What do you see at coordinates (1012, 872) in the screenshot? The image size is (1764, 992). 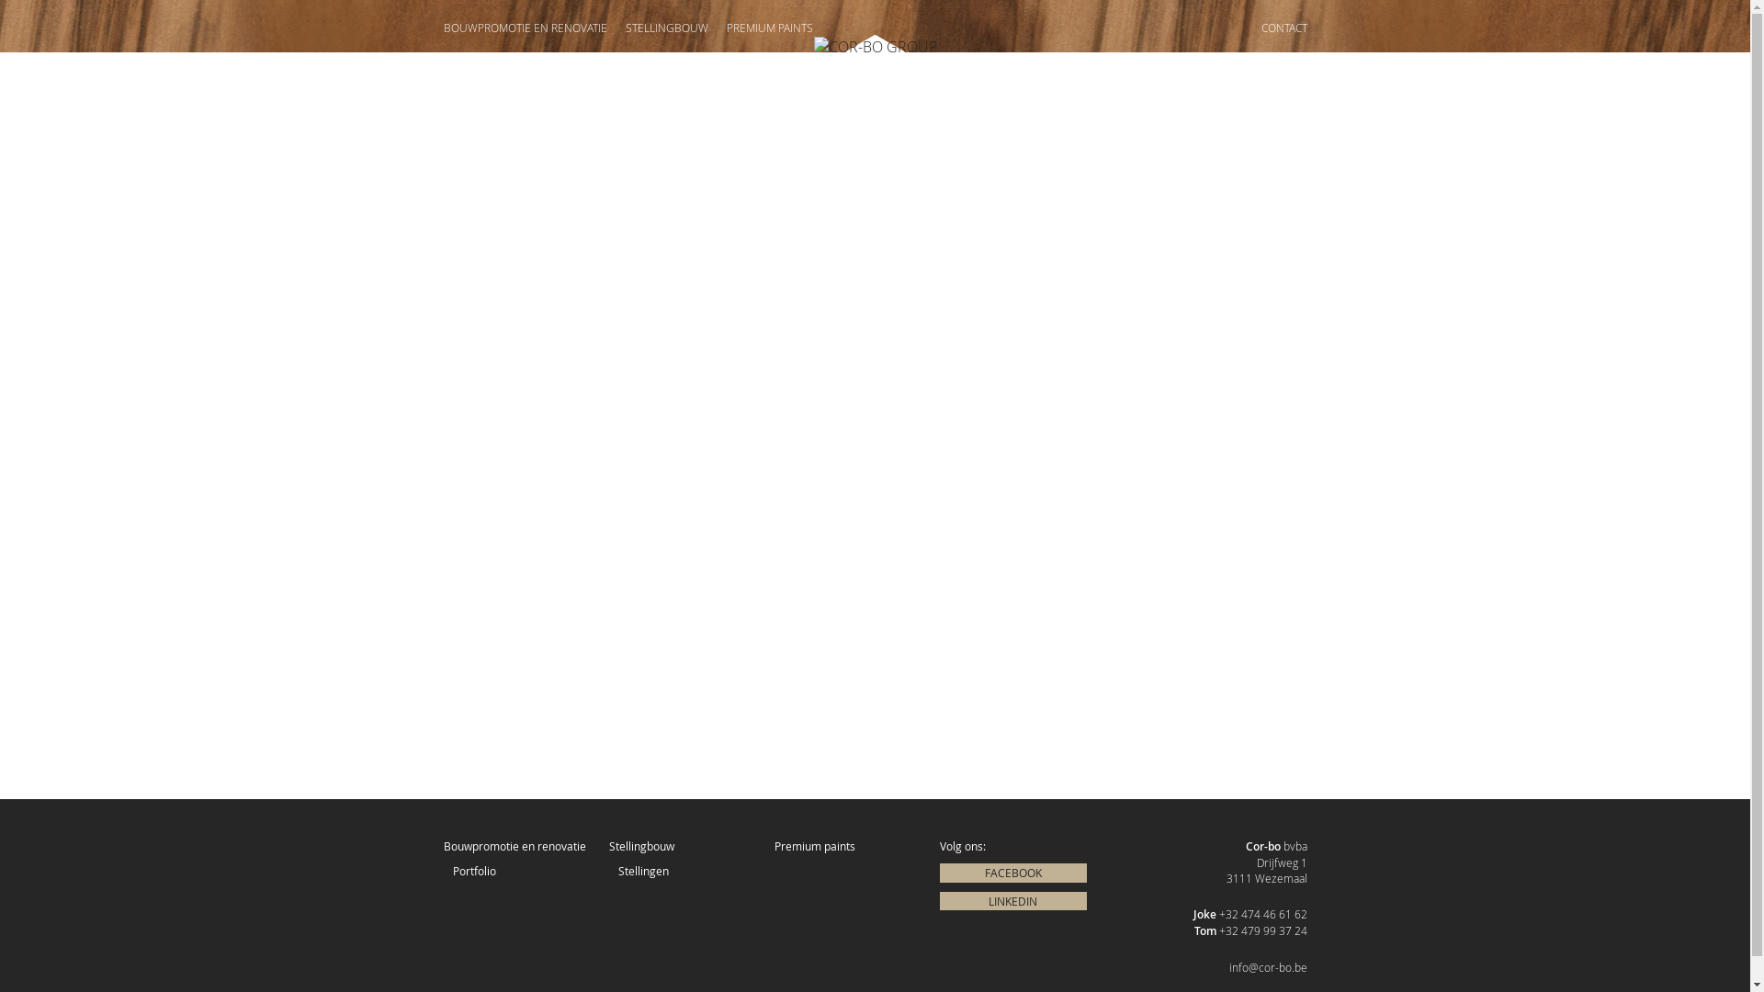 I see `'FACEBOOK'` at bounding box center [1012, 872].